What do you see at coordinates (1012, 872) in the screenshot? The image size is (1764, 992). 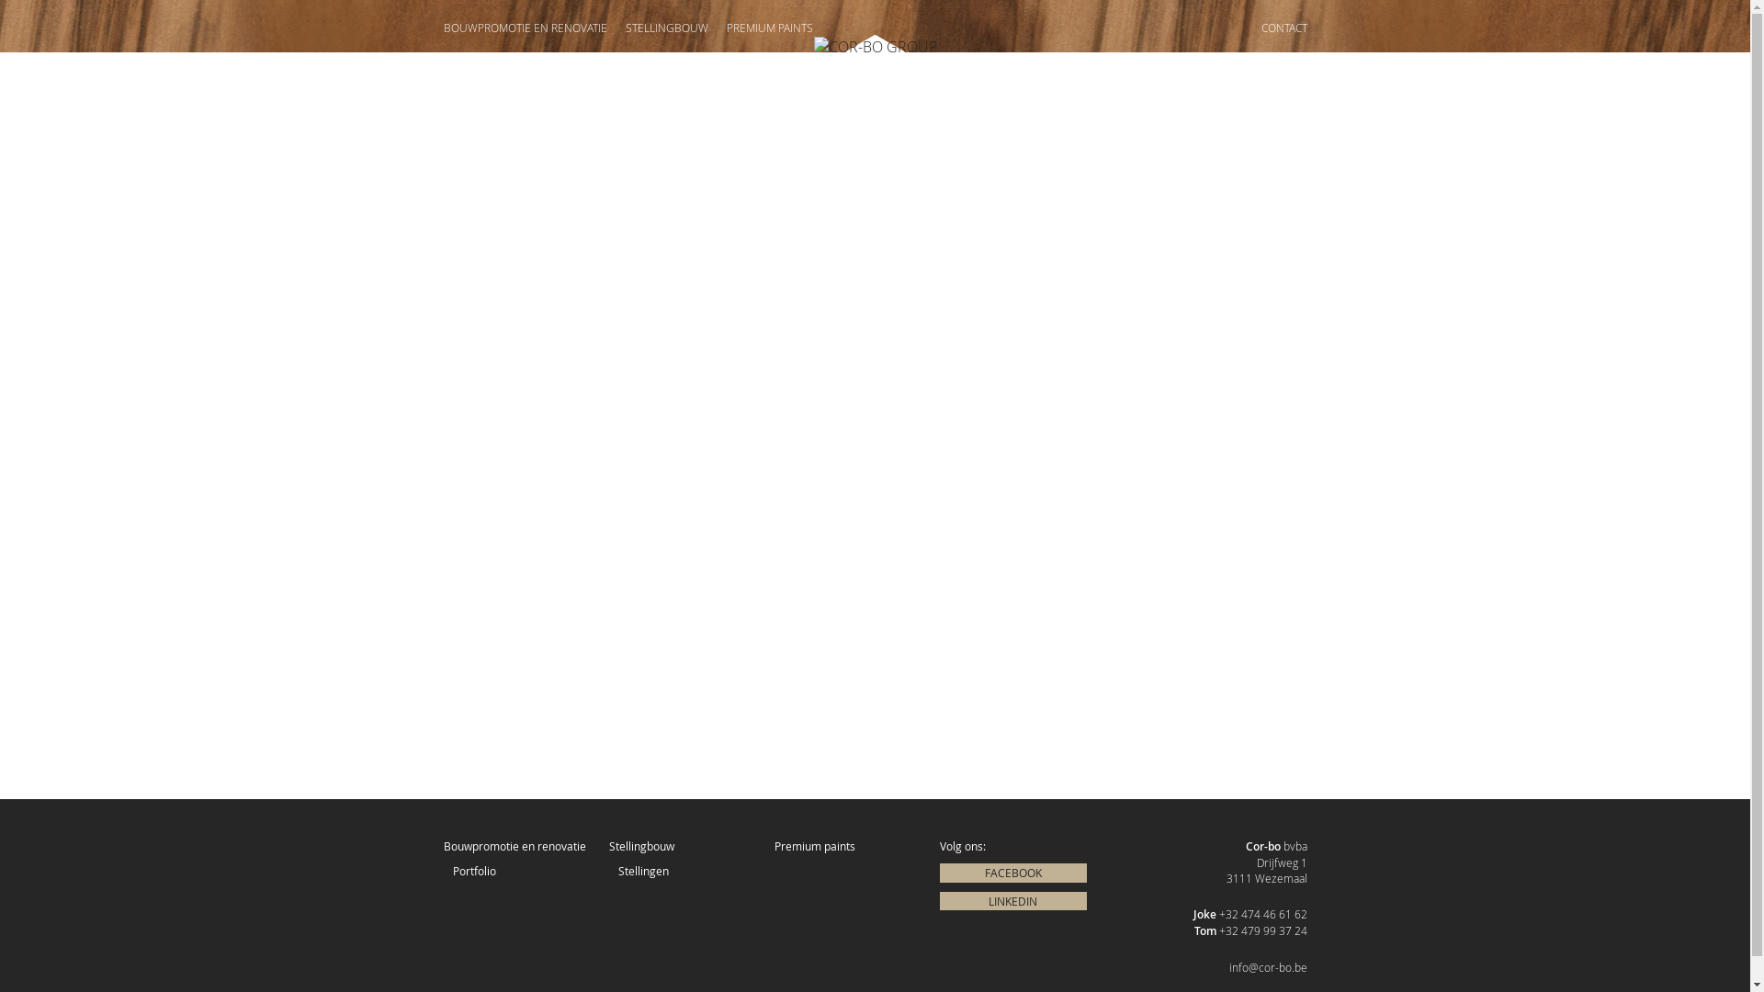 I see `'FACEBOOK'` at bounding box center [1012, 872].